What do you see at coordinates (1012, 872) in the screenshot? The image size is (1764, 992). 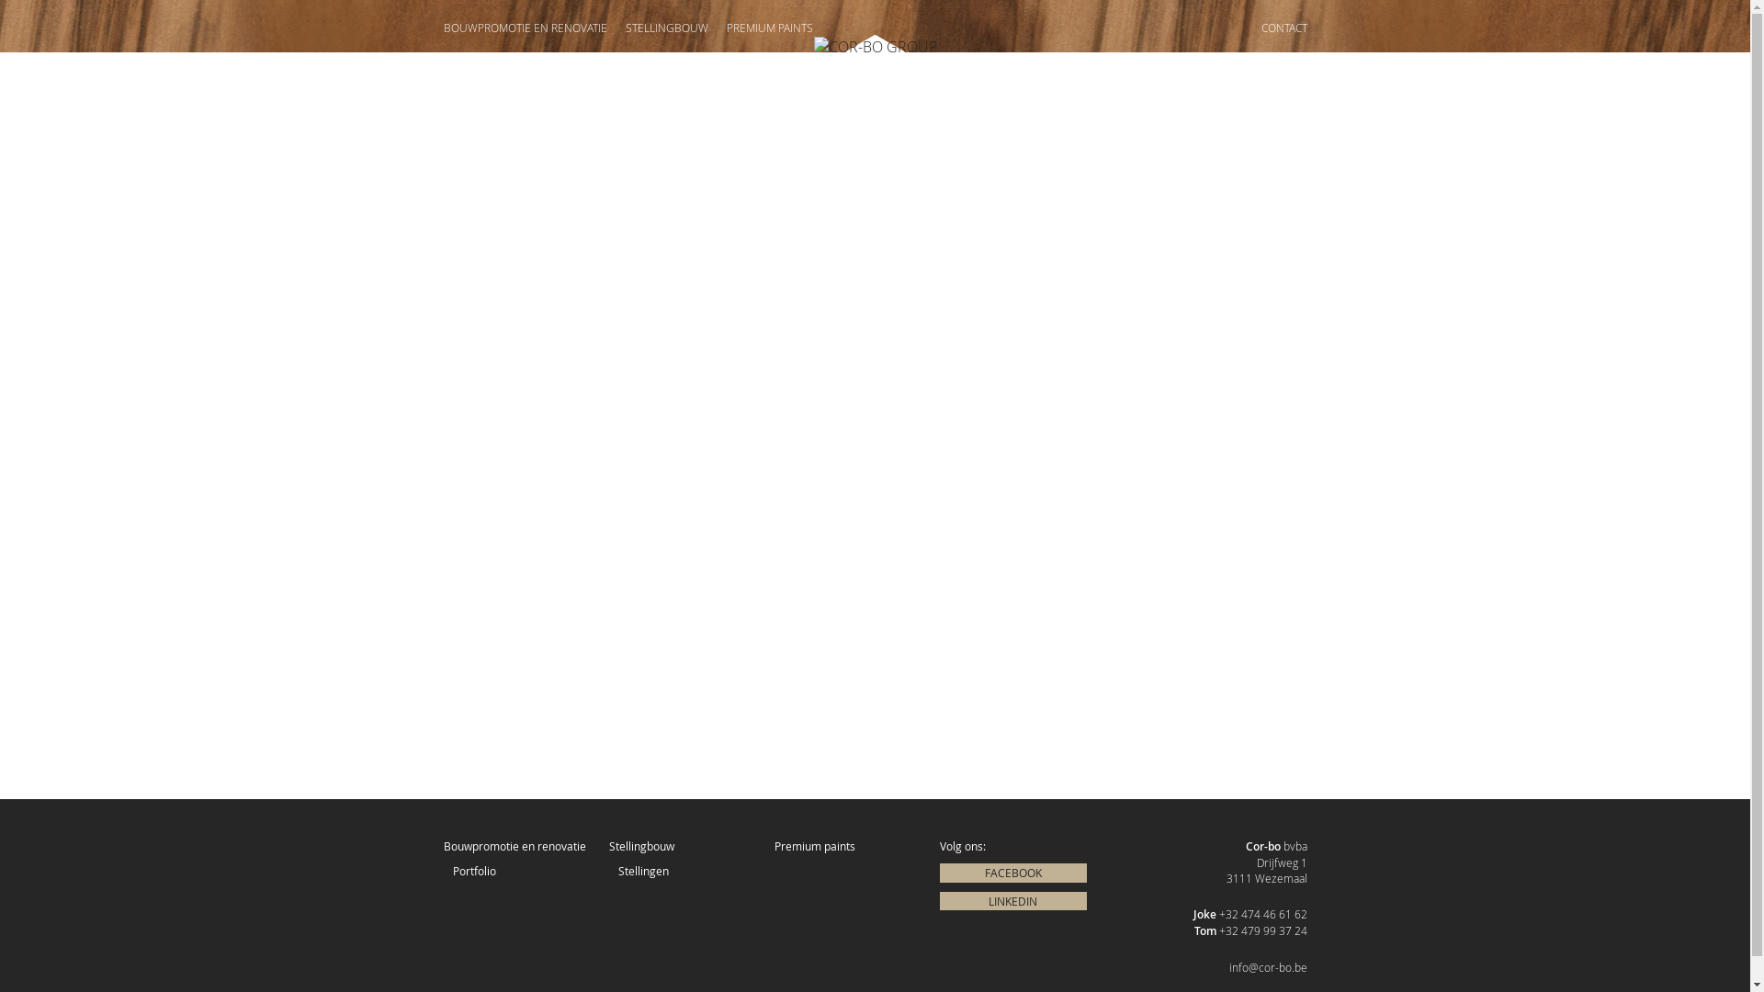 I see `'FACEBOOK'` at bounding box center [1012, 872].